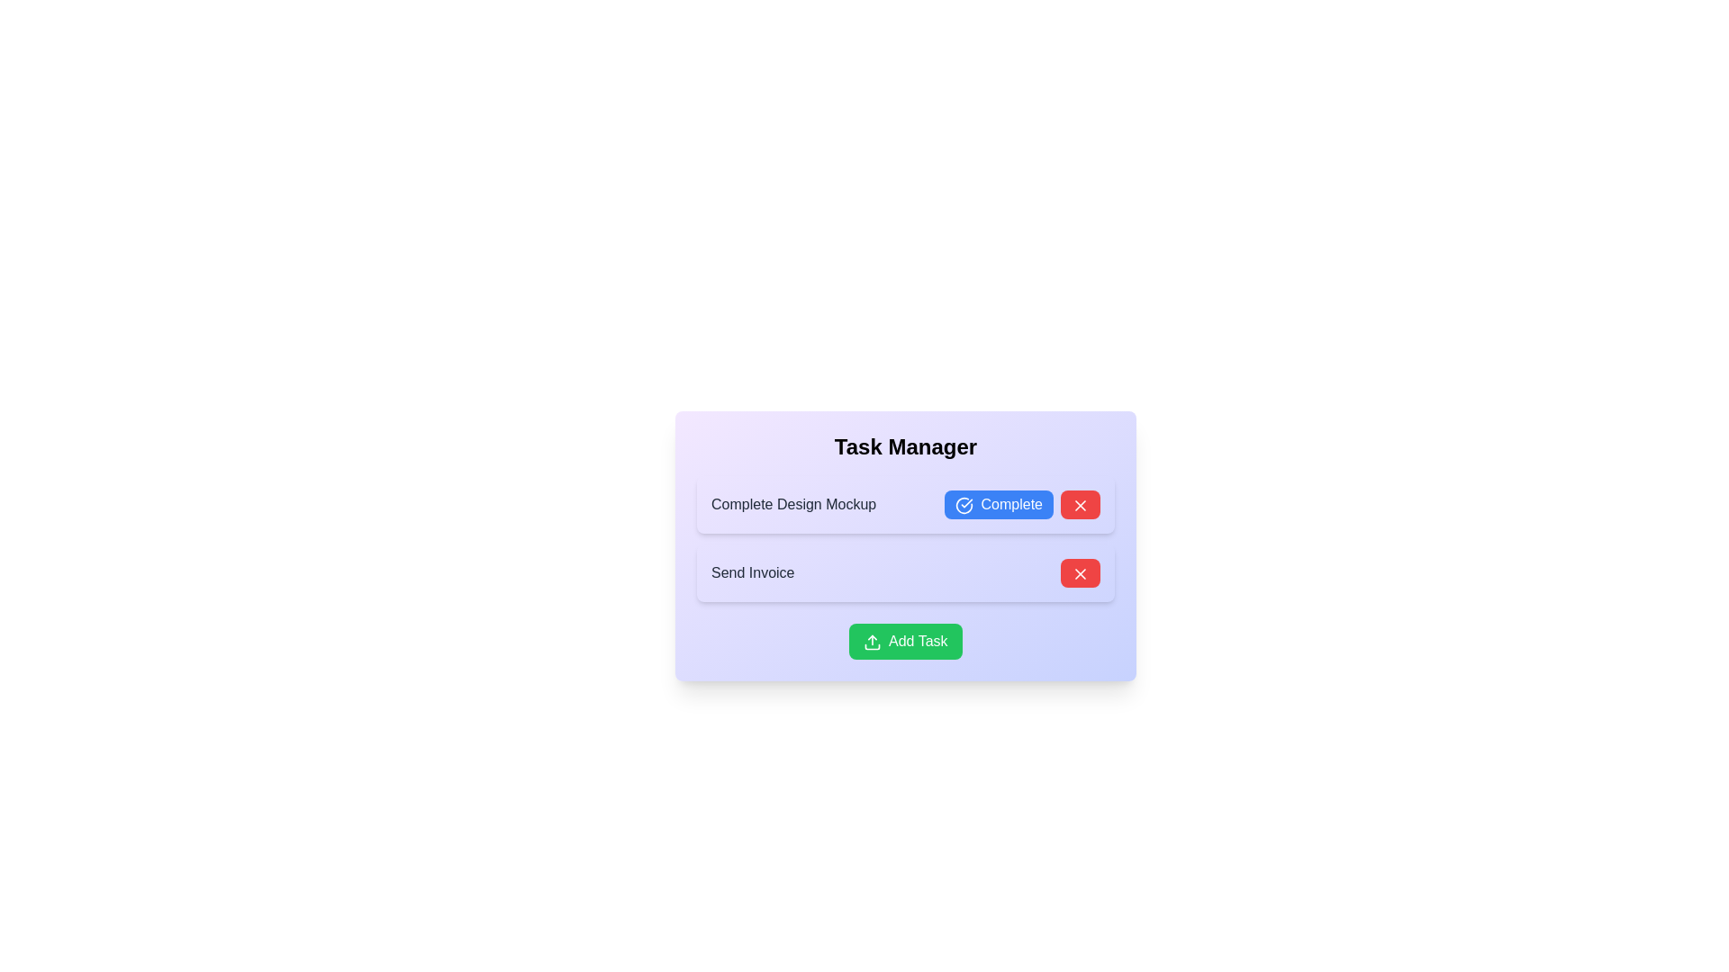 This screenshot has height=972, width=1729. I want to click on the blue 'Complete' button with a checkmark icon on the left side, located in the first row of the 'Task Manager' interface, so click(998, 504).